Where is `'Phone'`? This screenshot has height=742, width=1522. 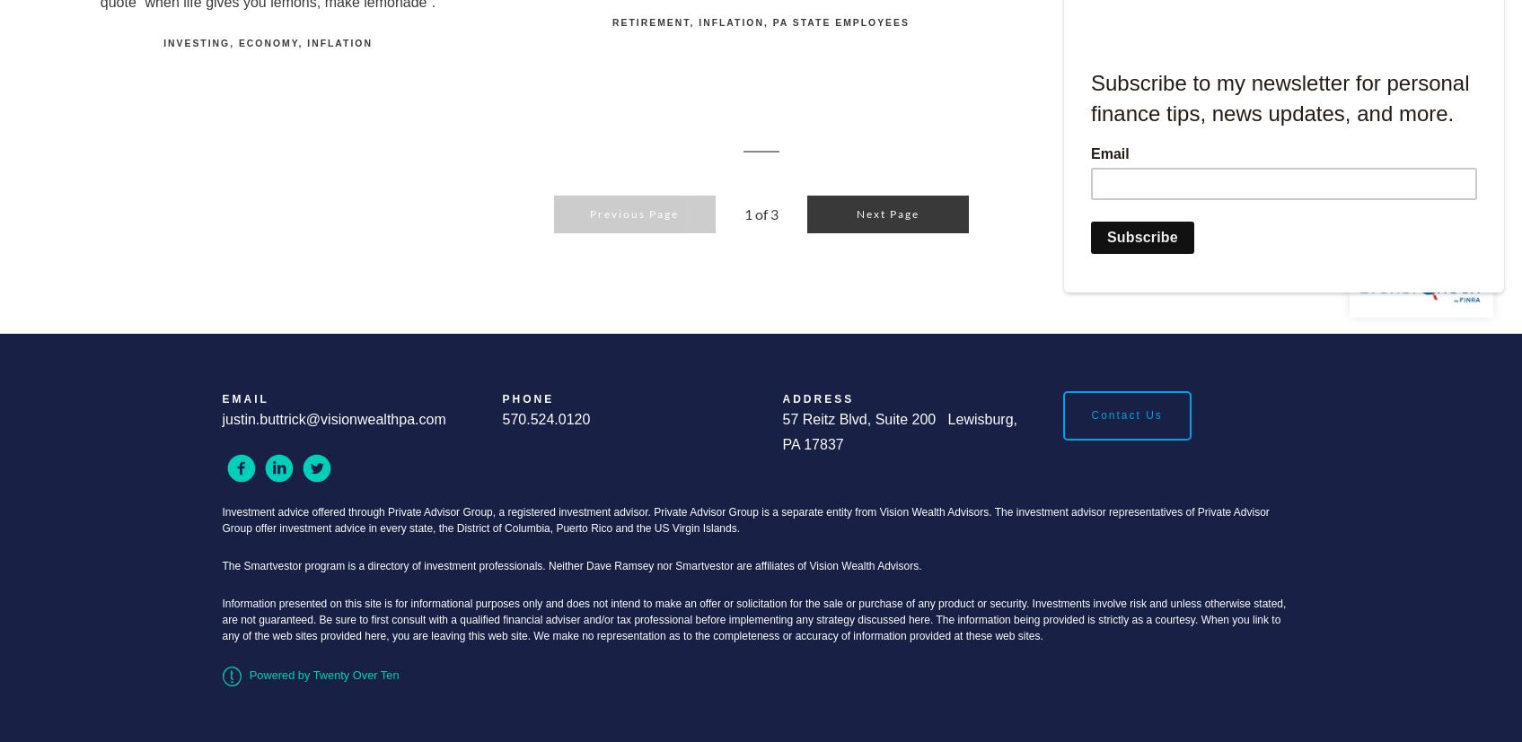 'Phone' is located at coordinates (527, 398).